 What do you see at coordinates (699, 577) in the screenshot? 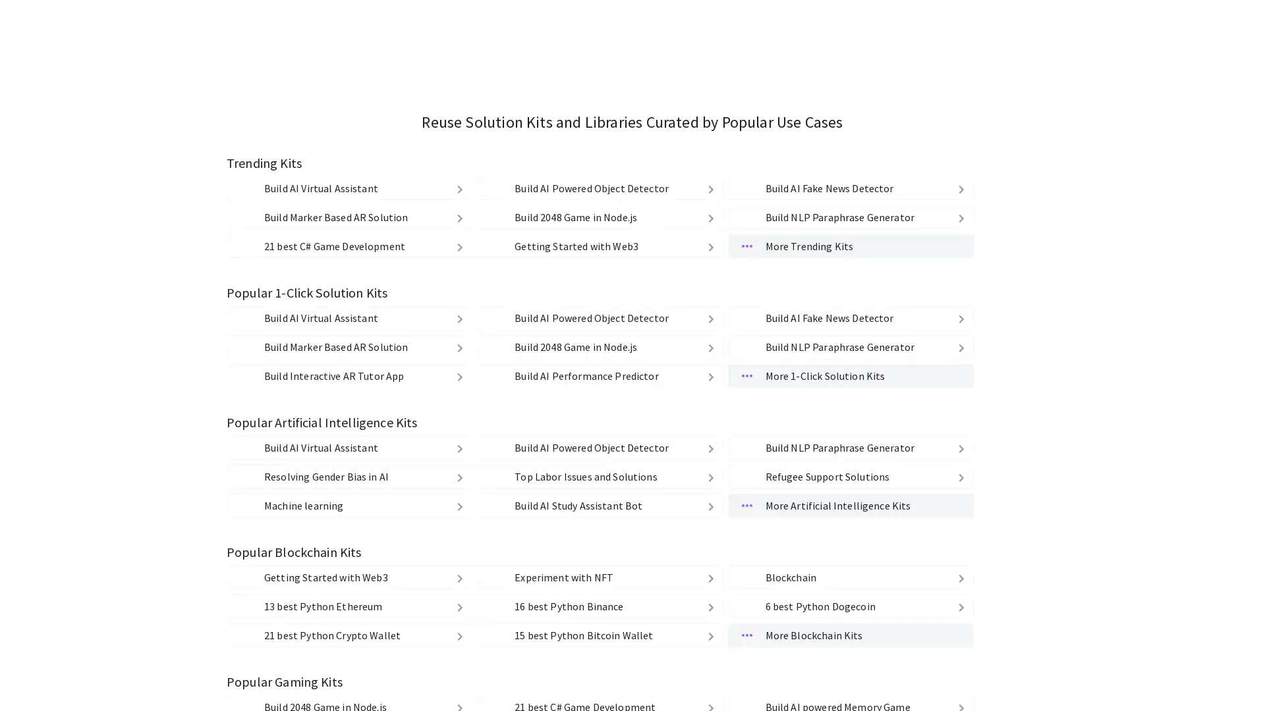
I see `delete` at bounding box center [699, 577].